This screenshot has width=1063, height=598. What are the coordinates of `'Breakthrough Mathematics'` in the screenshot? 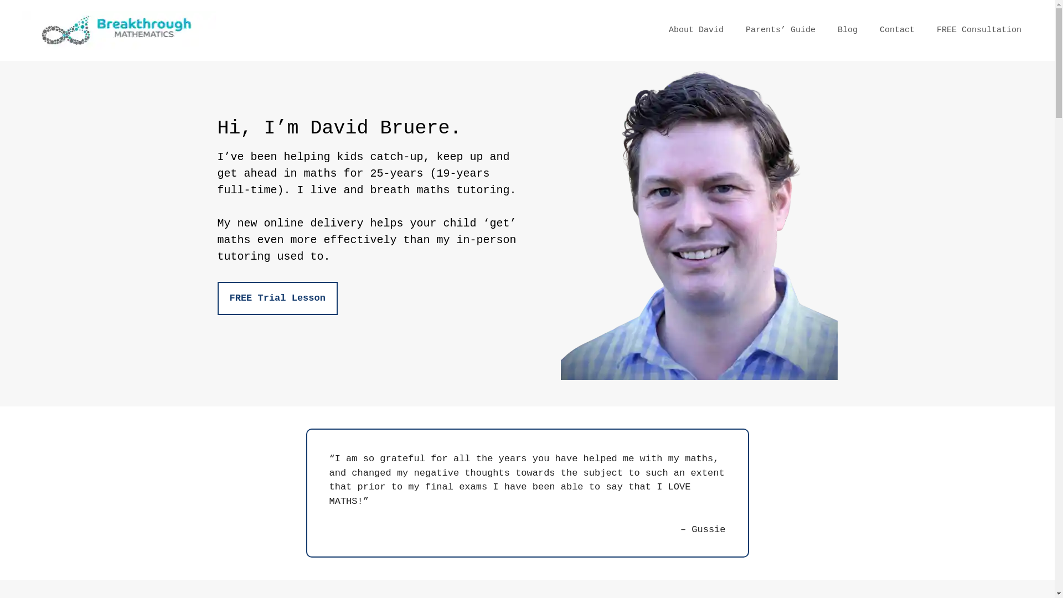 It's located at (119, 29).